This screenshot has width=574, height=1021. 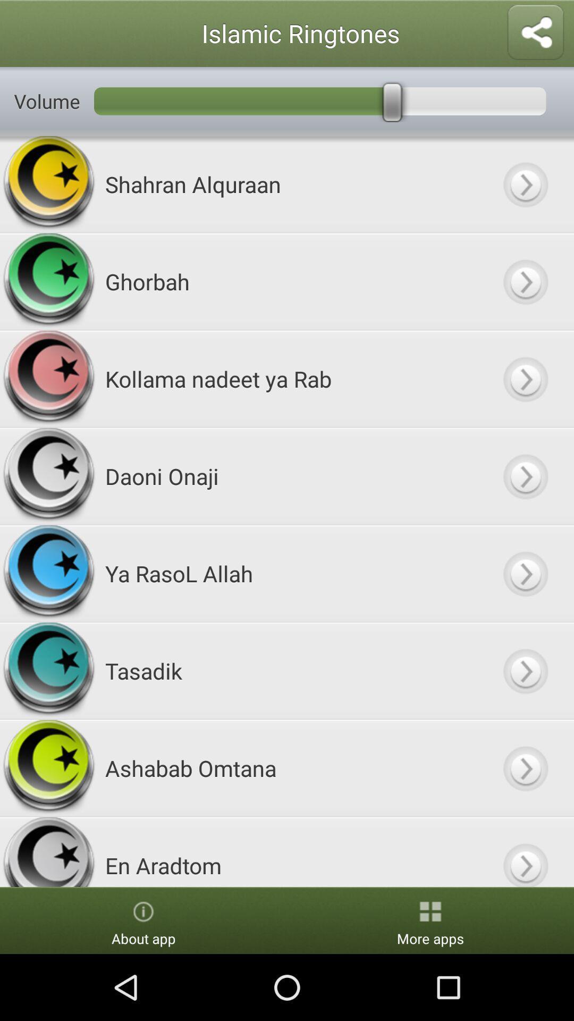 I want to click on button, so click(x=525, y=281).